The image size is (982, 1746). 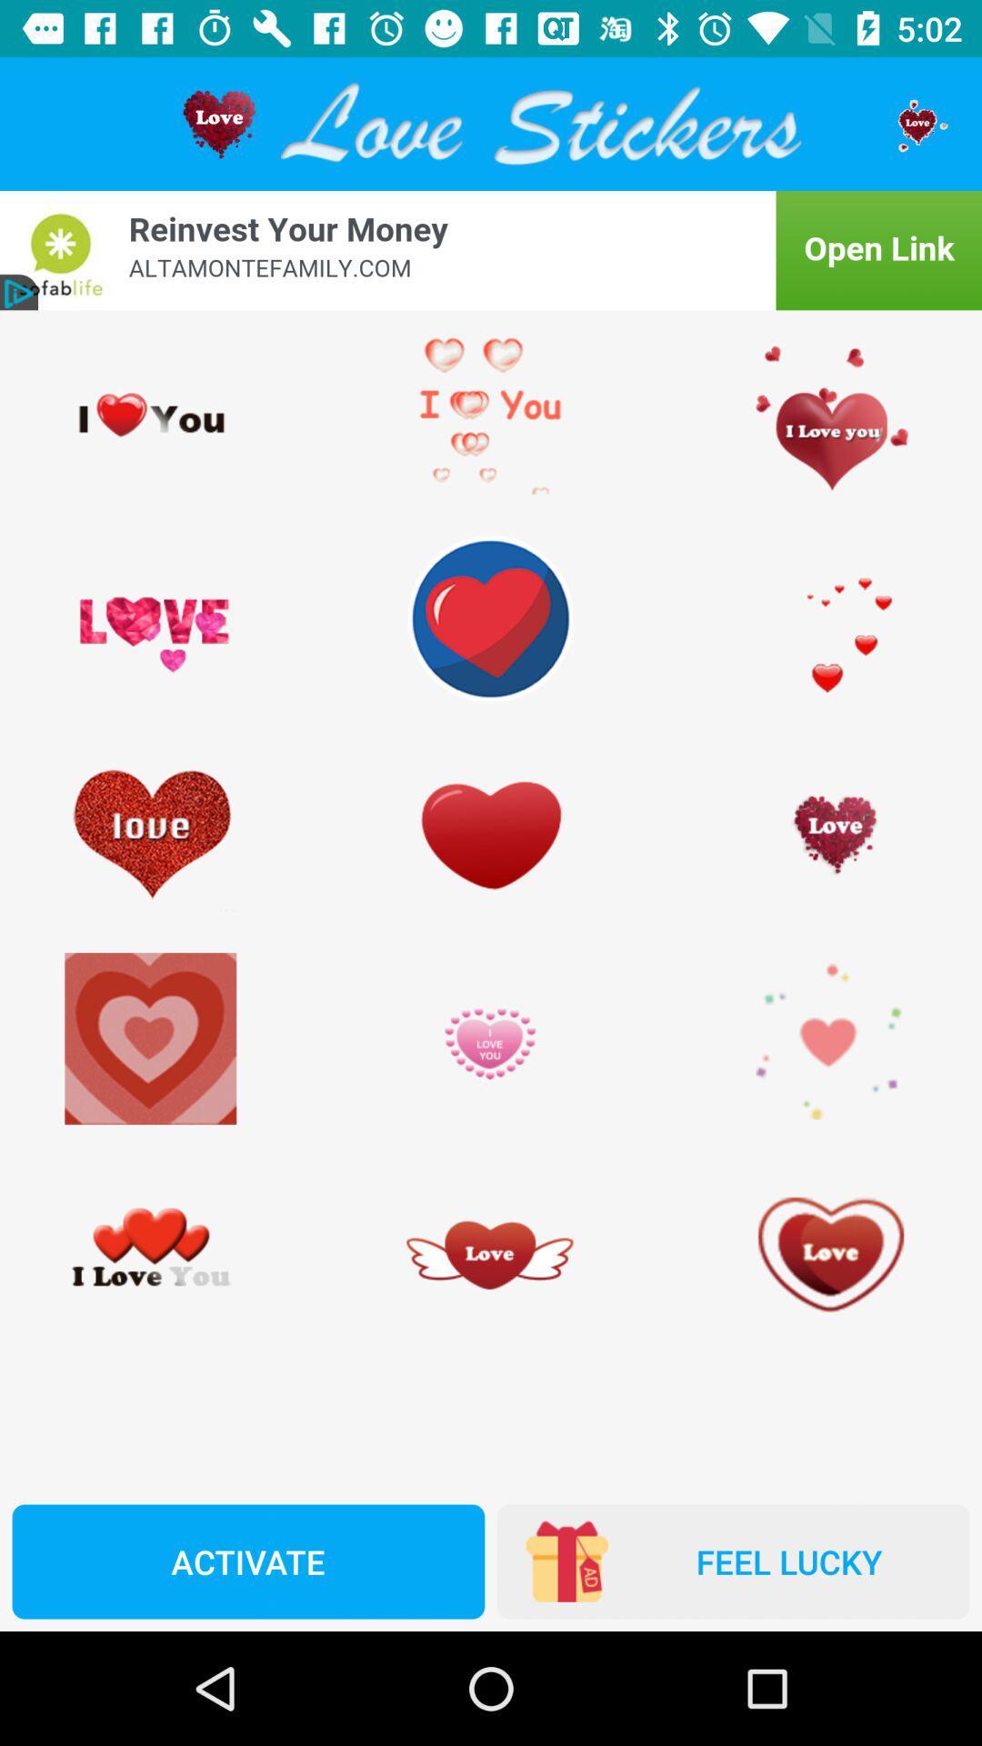 What do you see at coordinates (732, 1560) in the screenshot?
I see `feel lucky icon` at bounding box center [732, 1560].